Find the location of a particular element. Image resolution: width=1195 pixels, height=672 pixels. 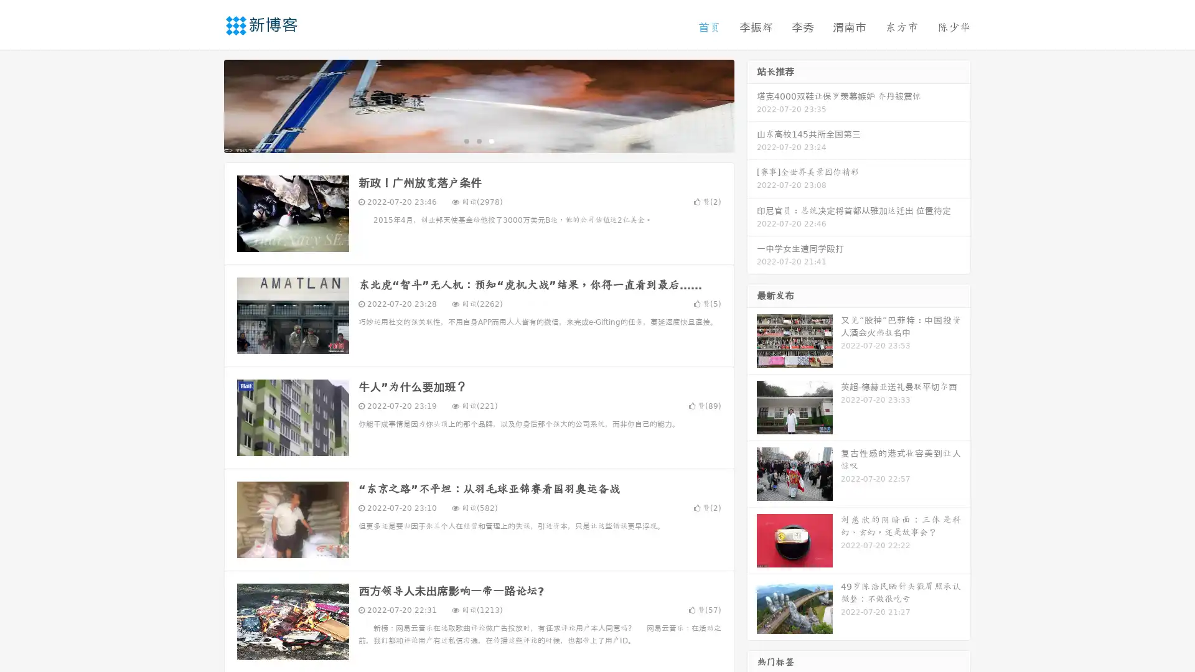

Previous slide is located at coordinates (205, 105).